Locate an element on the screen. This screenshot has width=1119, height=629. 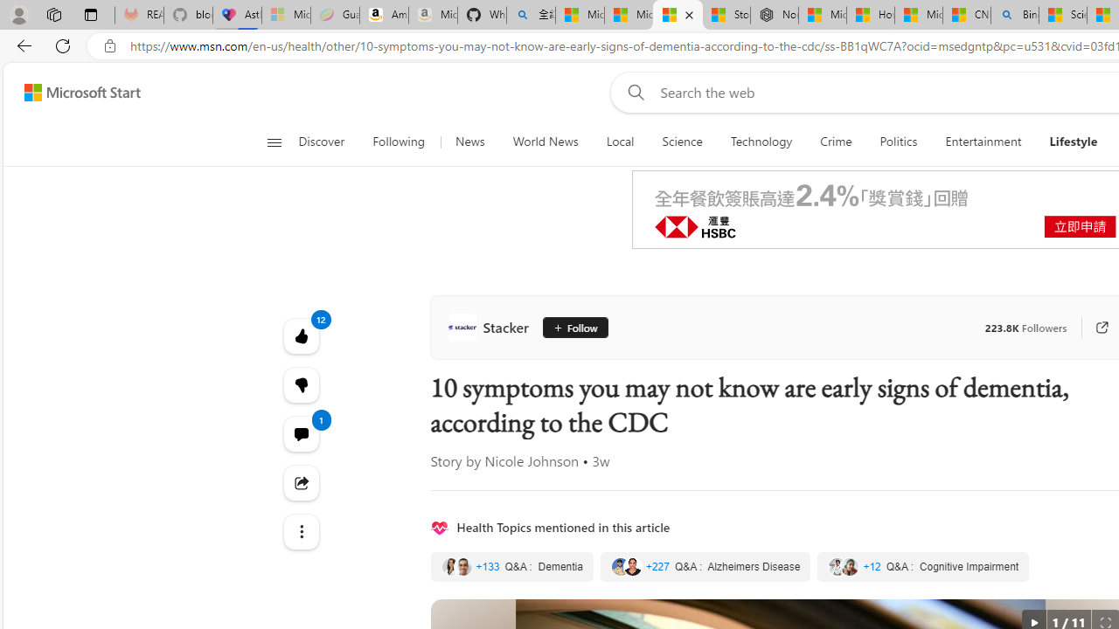
'Cognitive Impairment' is located at coordinates (922, 567).